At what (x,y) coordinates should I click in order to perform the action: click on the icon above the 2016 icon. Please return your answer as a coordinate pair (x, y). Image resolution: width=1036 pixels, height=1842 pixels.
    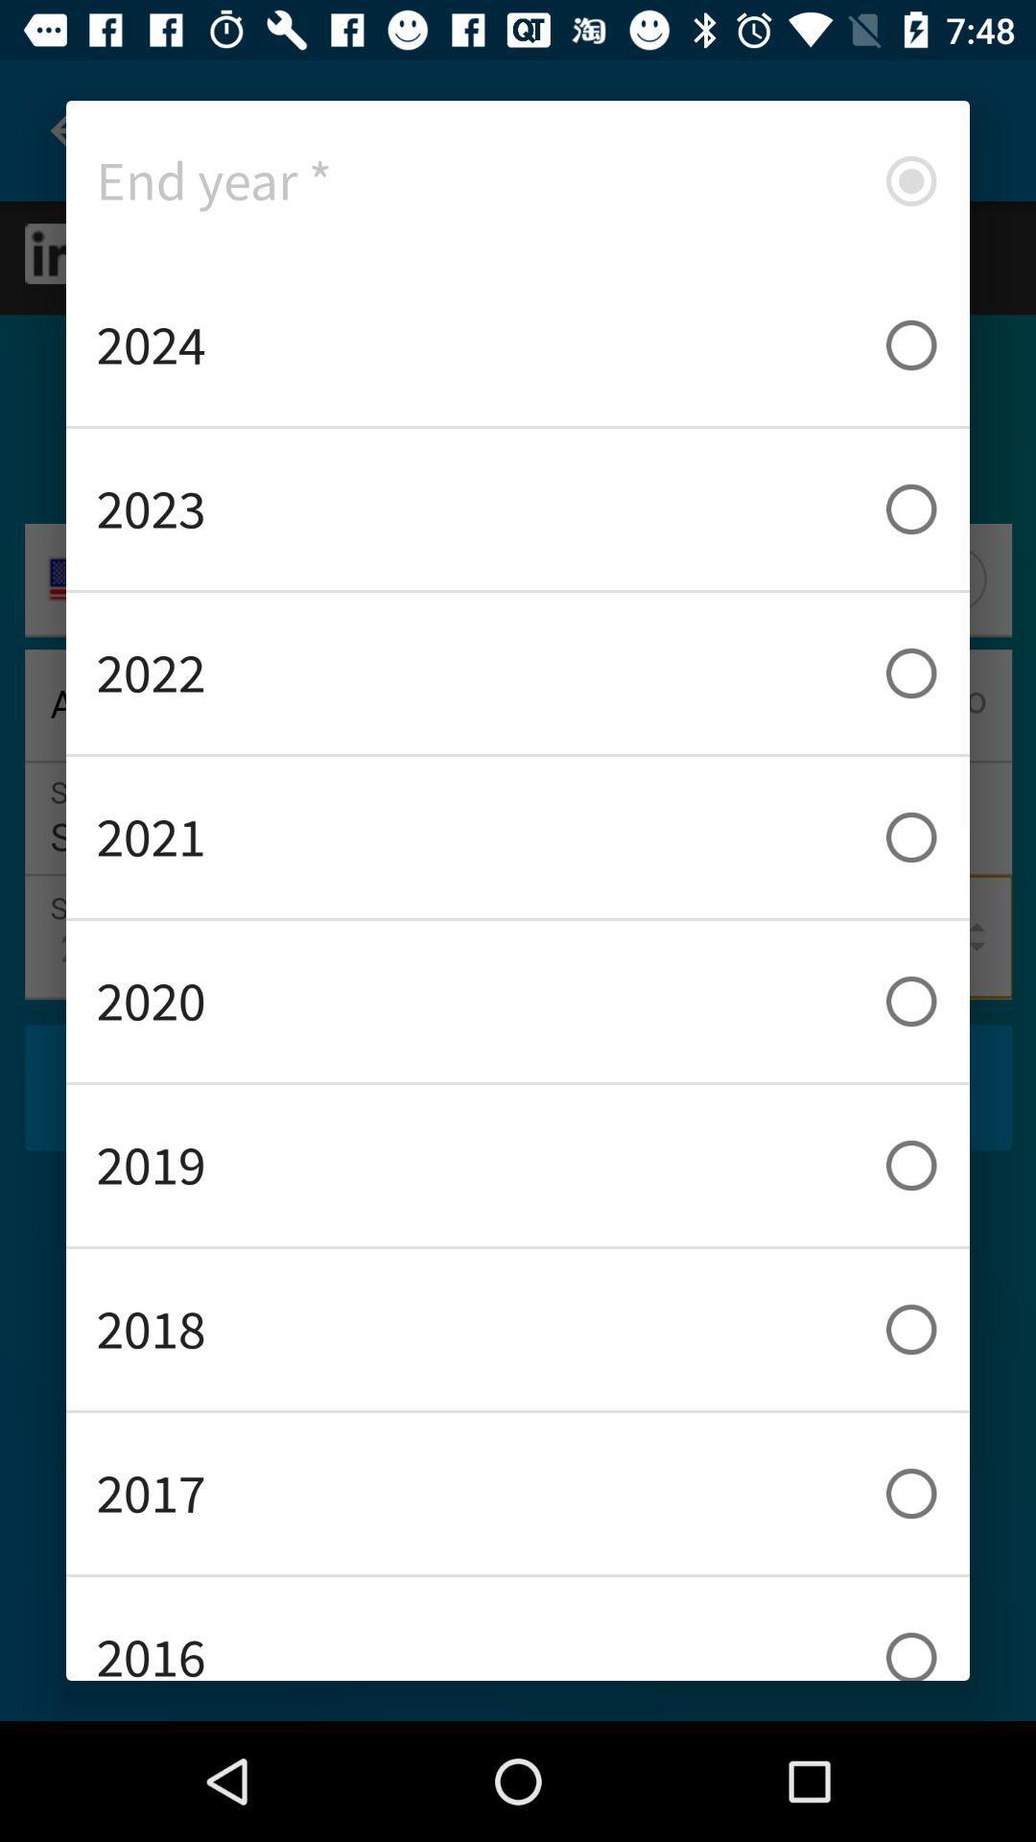
    Looking at the image, I should click on (518, 1492).